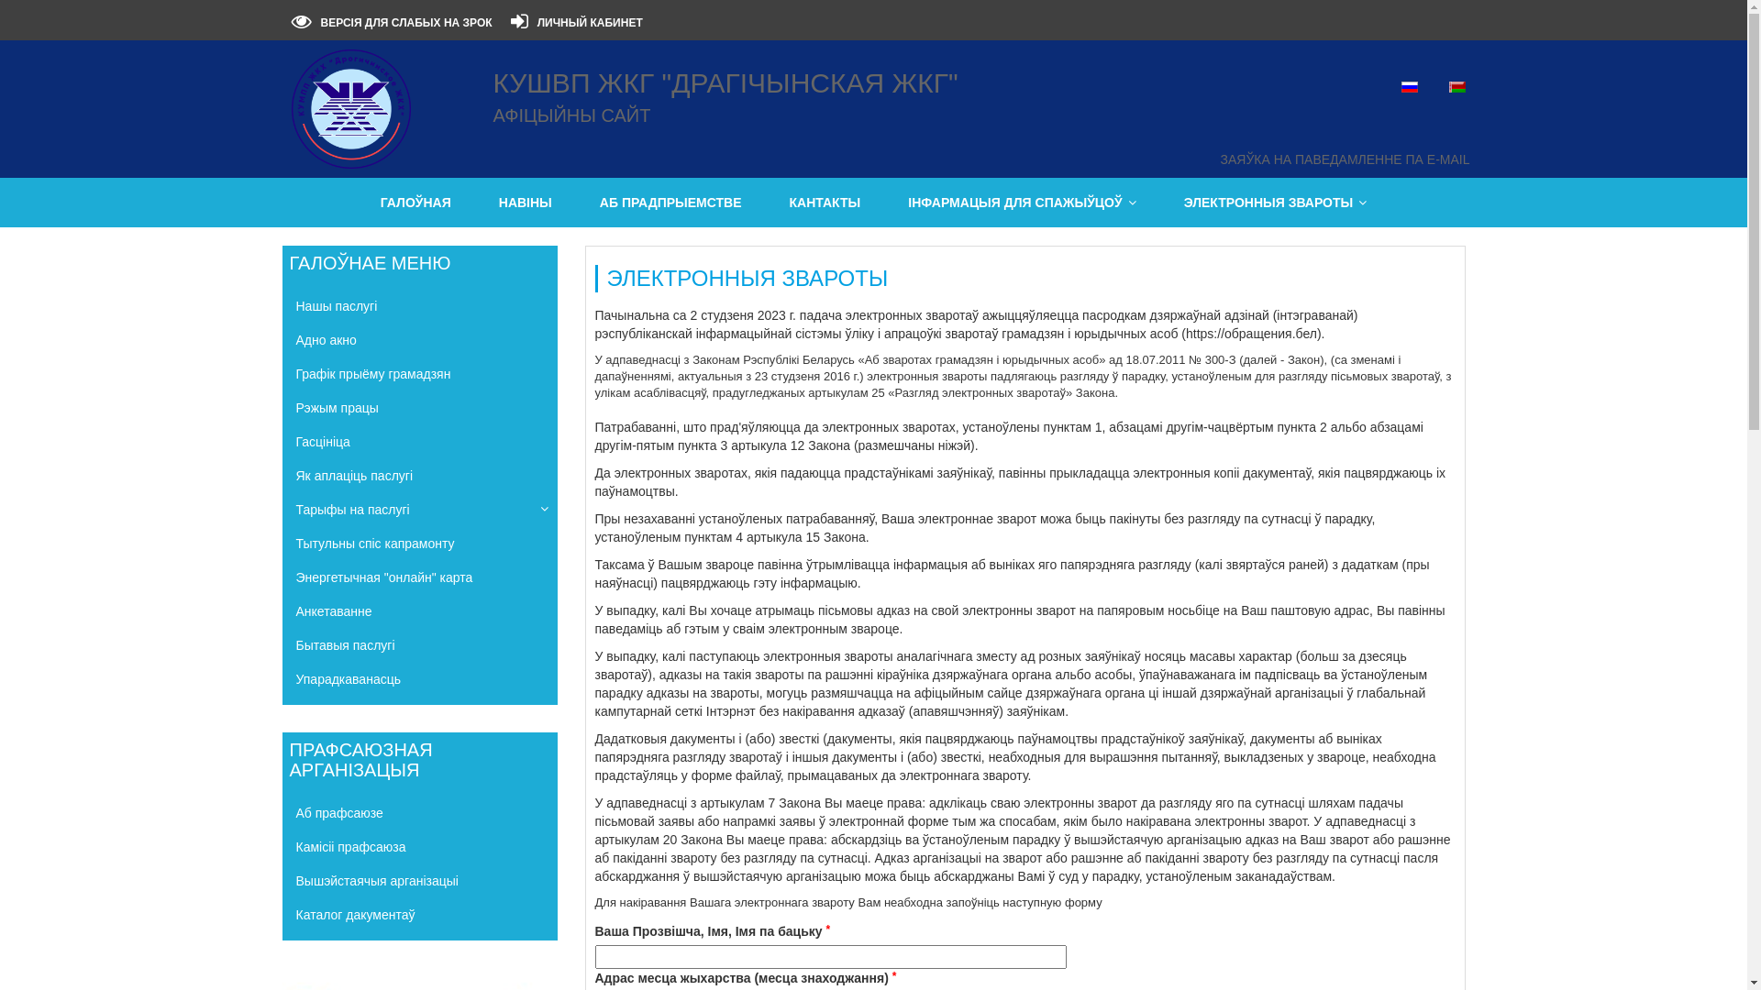 The height and width of the screenshot is (990, 1761). I want to click on 'Belarusian (be-BY)', so click(1456, 87).